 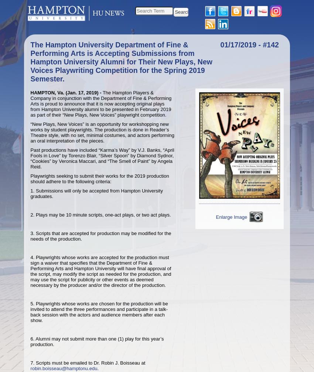 I want to click on '1. Submissions will only be accepted from Hampton University graduates.', so click(x=96, y=192).